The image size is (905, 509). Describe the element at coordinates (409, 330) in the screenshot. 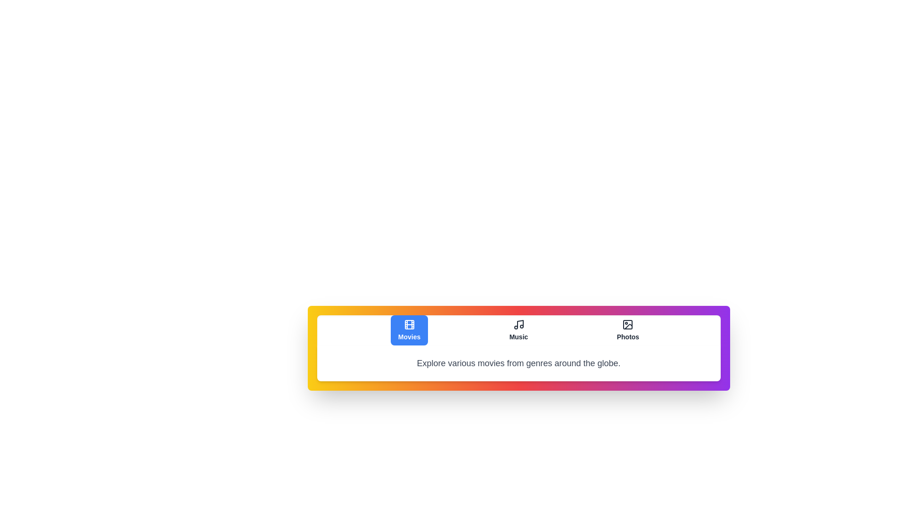

I see `the tab labeled Movies to observe its hover state` at that location.